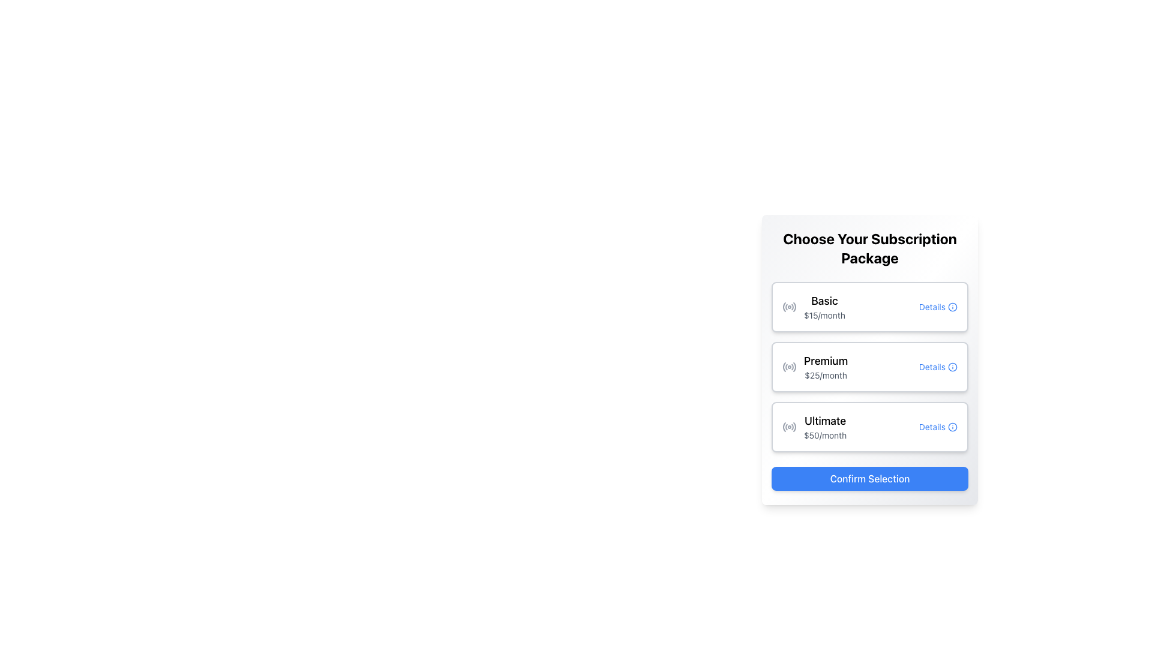 This screenshot has width=1152, height=648. What do you see at coordinates (825, 367) in the screenshot?
I see `the 'Premium' text element, which is part of the subscription package options` at bounding box center [825, 367].